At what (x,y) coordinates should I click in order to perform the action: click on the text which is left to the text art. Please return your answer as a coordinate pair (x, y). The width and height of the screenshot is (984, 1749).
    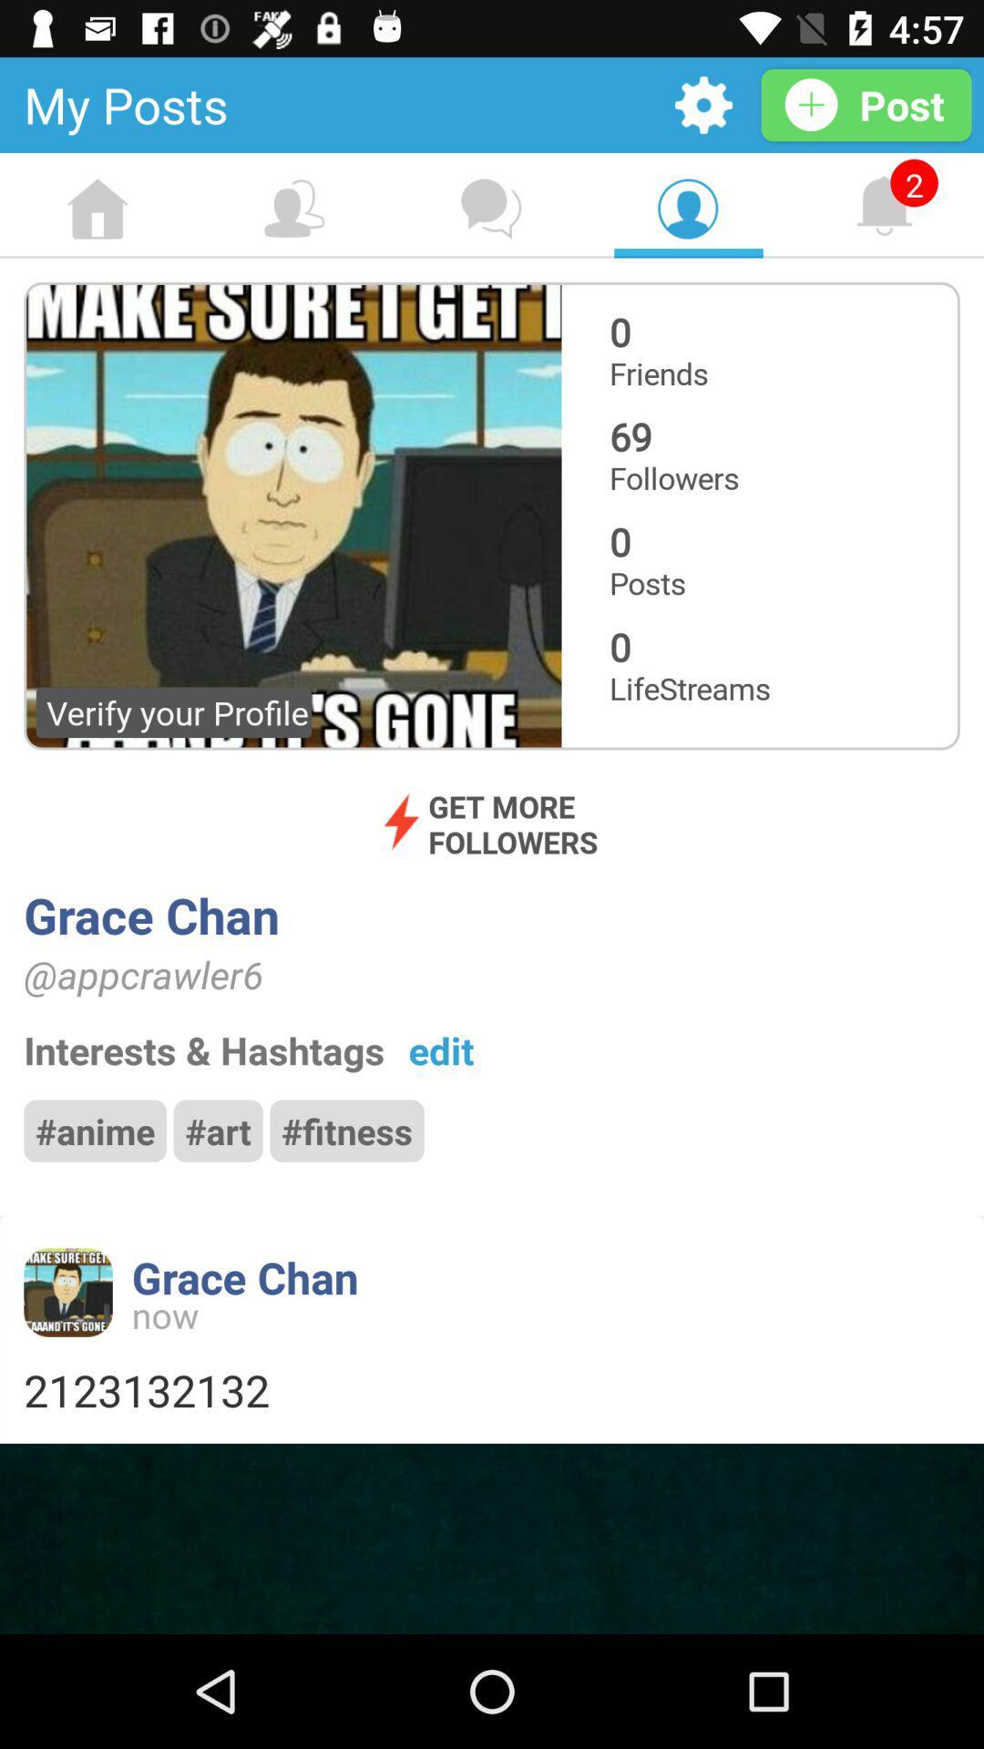
    Looking at the image, I should click on (95, 1130).